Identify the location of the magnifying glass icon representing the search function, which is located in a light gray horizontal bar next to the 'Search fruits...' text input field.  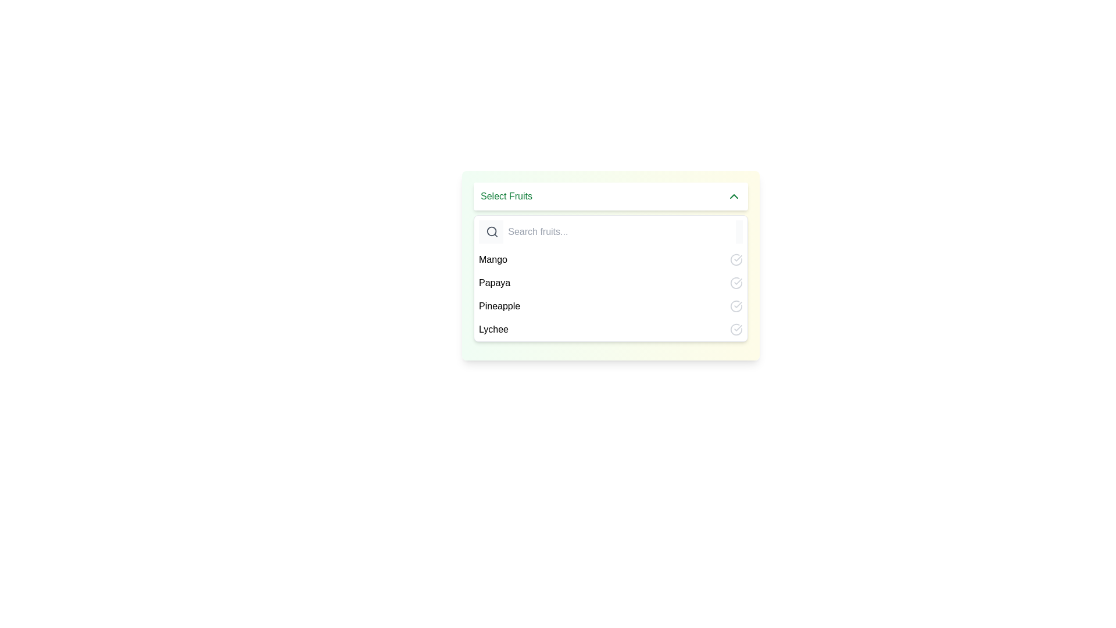
(492, 231).